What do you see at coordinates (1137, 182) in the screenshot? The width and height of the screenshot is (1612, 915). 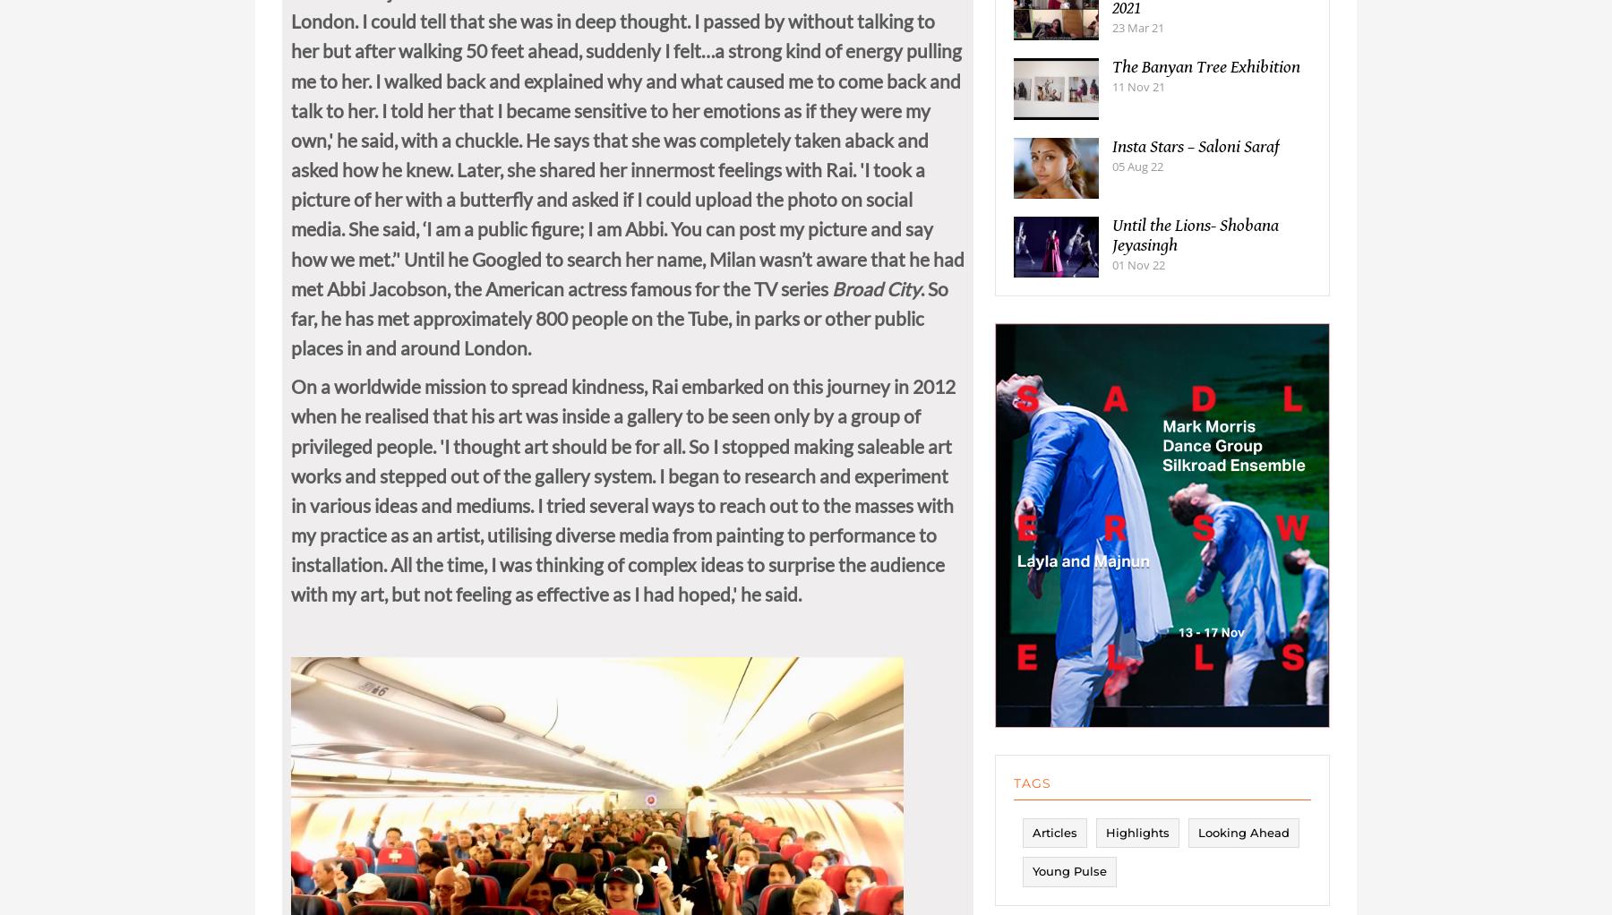 I see `'05 Aug 22'` at bounding box center [1137, 182].